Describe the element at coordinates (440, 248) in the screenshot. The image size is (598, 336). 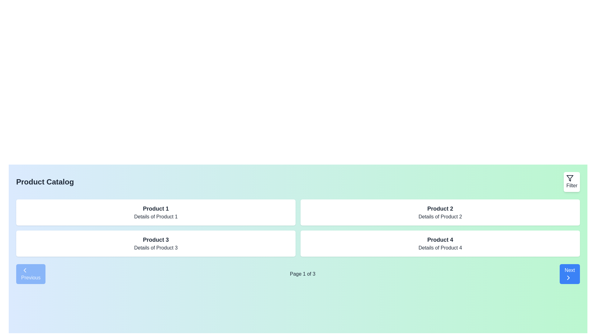
I see `the descriptive text element providing context for 'Product 4', located directly beneath the header in the product card interface` at that location.